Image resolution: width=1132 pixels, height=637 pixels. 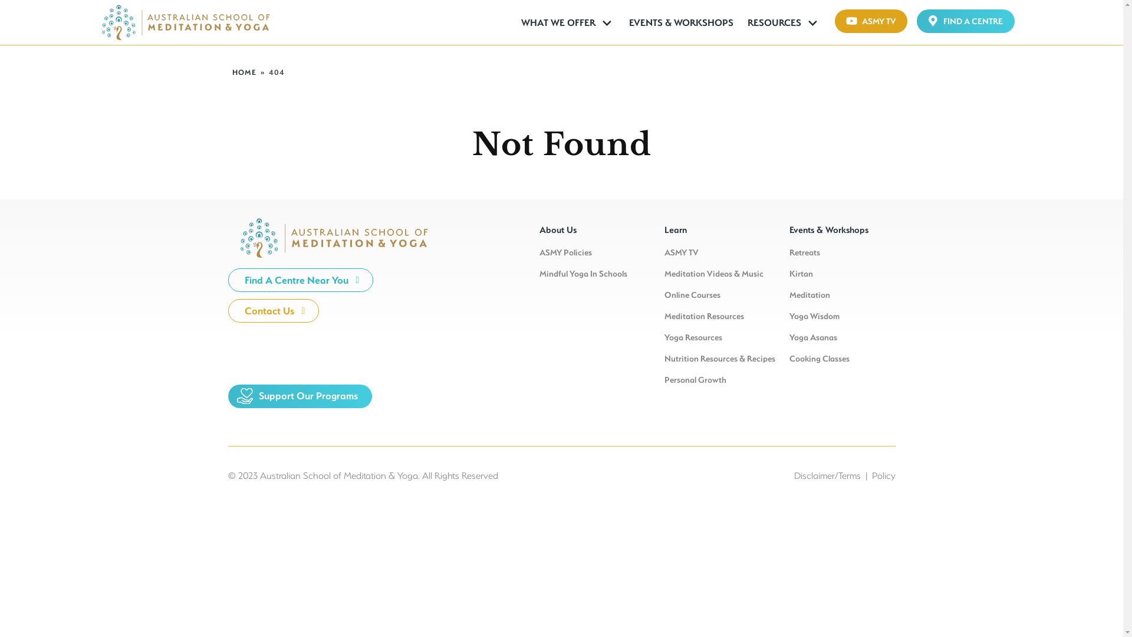 What do you see at coordinates (664, 273) in the screenshot?
I see `'Meditation Videos & Music'` at bounding box center [664, 273].